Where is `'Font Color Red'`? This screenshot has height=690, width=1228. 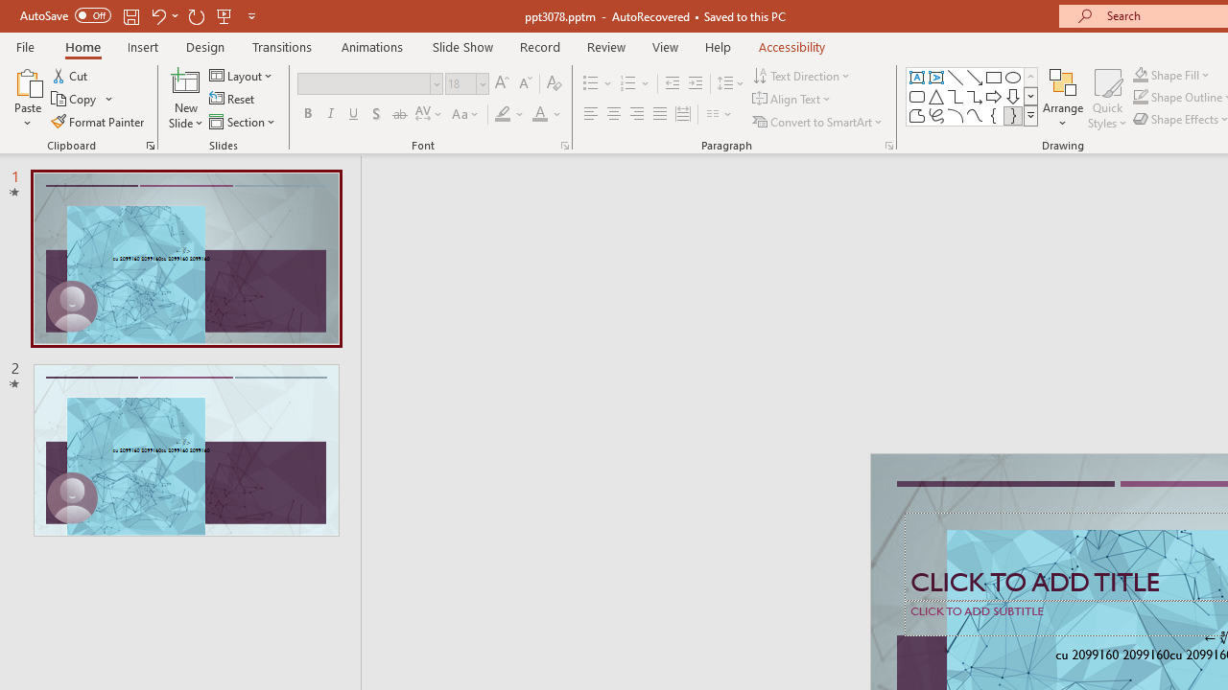
'Font Color Red' is located at coordinates (538, 114).